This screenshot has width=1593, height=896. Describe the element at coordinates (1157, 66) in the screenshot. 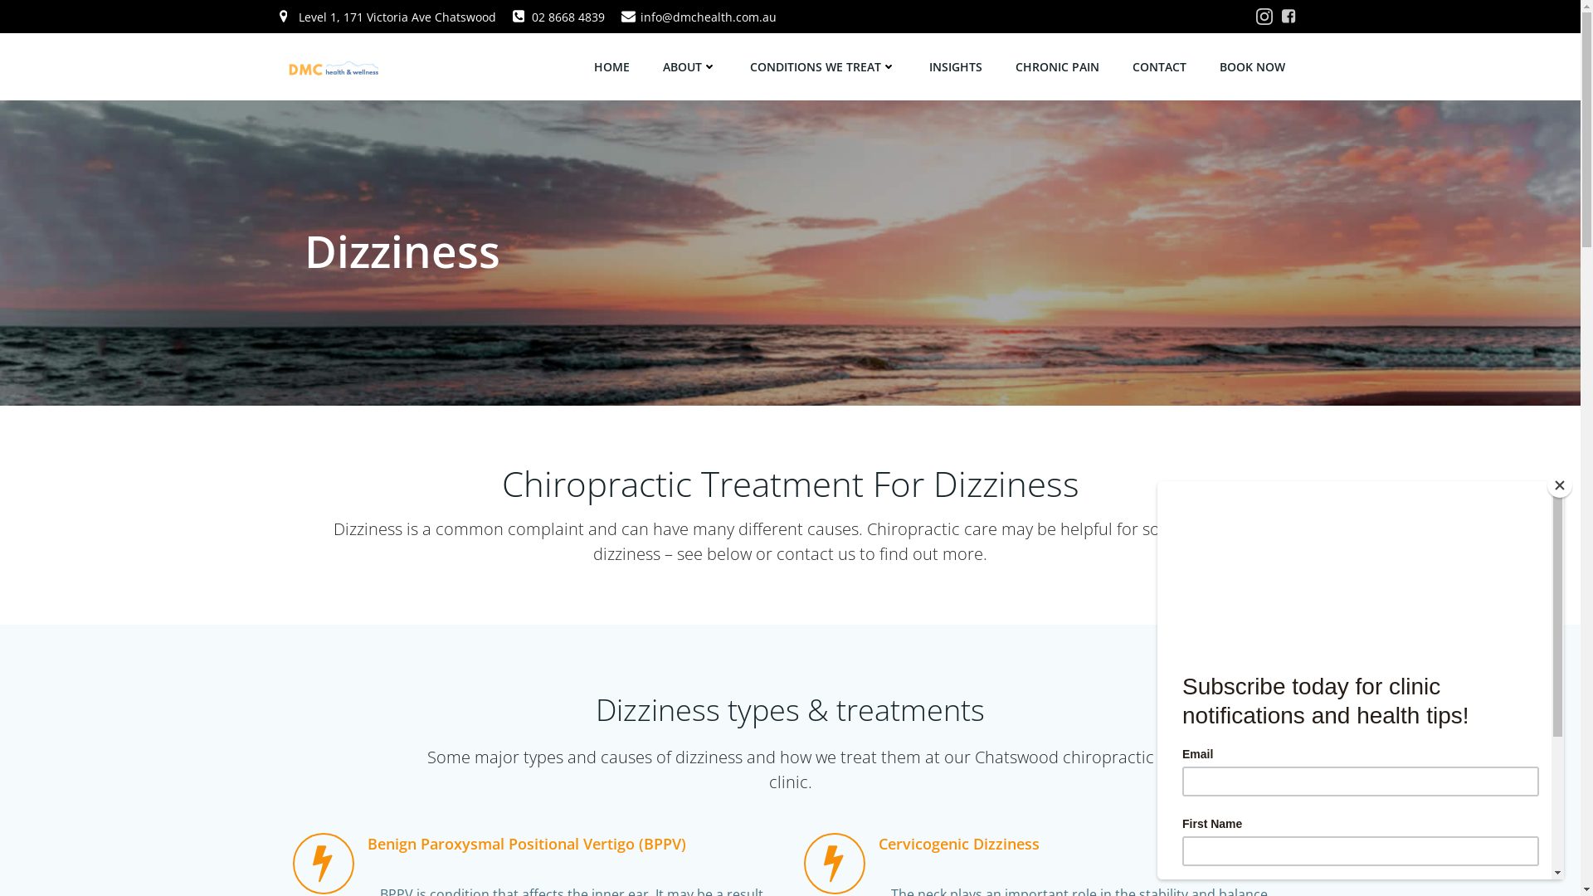

I see `'CONTACT'` at that location.